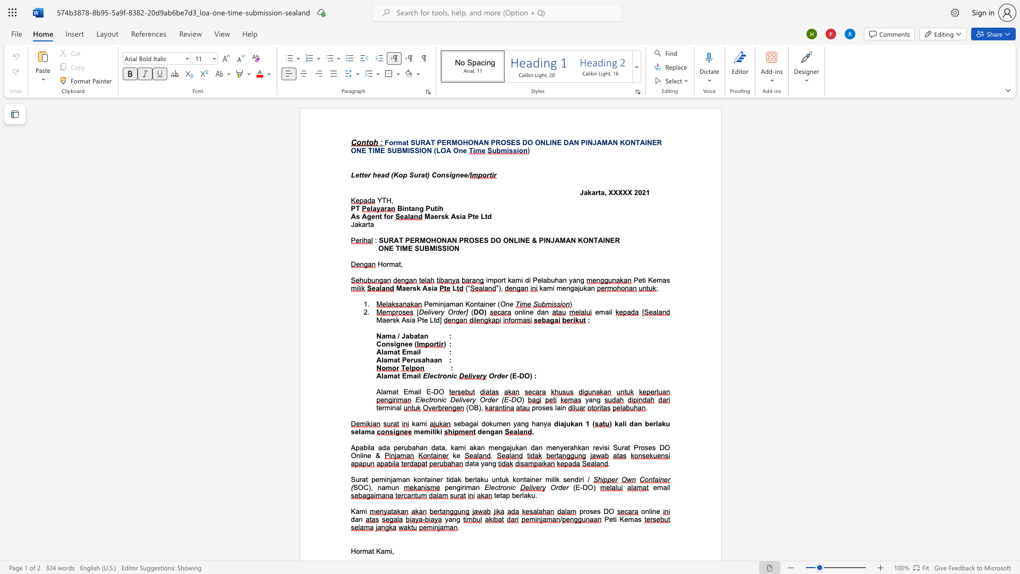 The image size is (1020, 574). What do you see at coordinates (522, 142) in the screenshot?
I see `the subset text "DO ONLINE DAN PINJ" within the text "SURAT PERMOHONAN PROSES DO ONLINE DAN PINJAMAN KONTAINER"` at bounding box center [522, 142].